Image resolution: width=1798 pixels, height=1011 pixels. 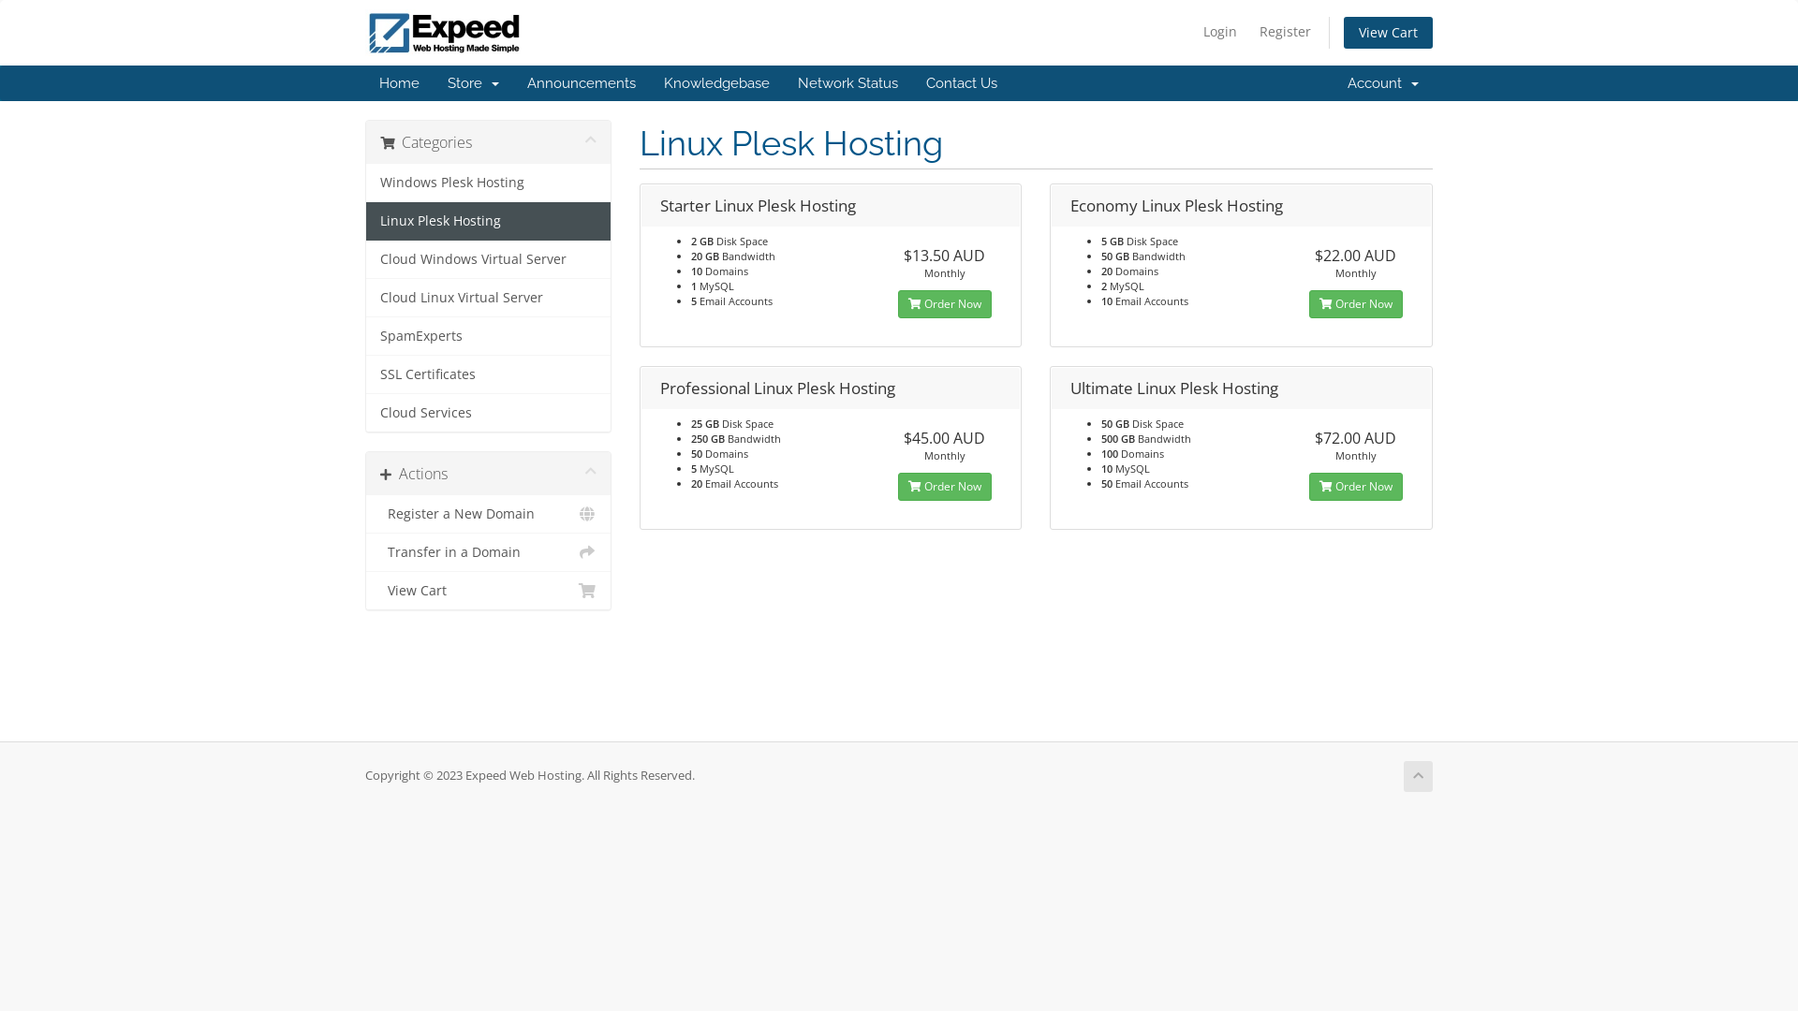 What do you see at coordinates (488, 374) in the screenshot?
I see `'SSL Certificates'` at bounding box center [488, 374].